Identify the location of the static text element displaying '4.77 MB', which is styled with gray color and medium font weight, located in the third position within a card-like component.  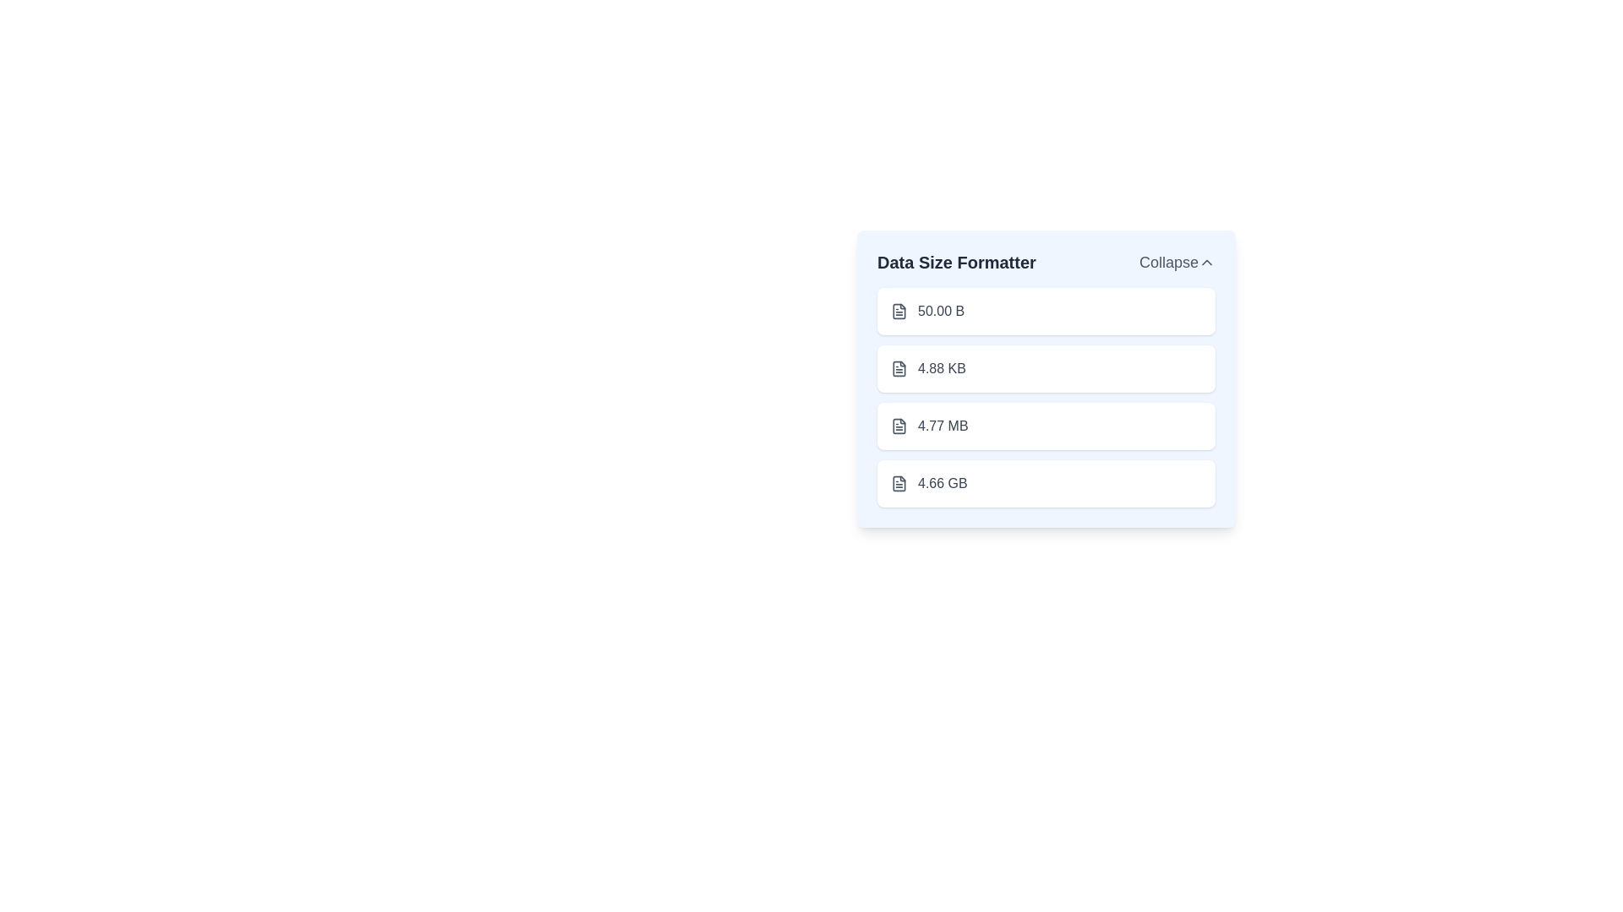
(942, 426).